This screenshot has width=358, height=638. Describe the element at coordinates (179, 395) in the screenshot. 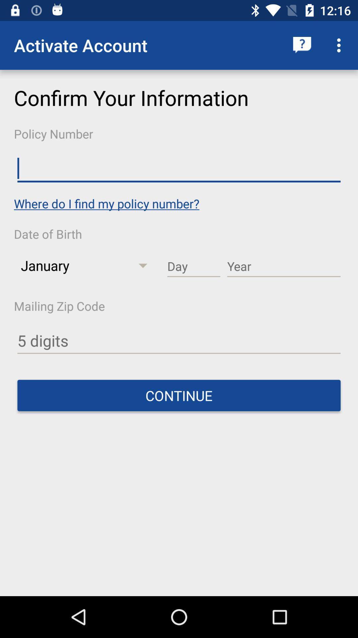

I see `continue item` at that location.